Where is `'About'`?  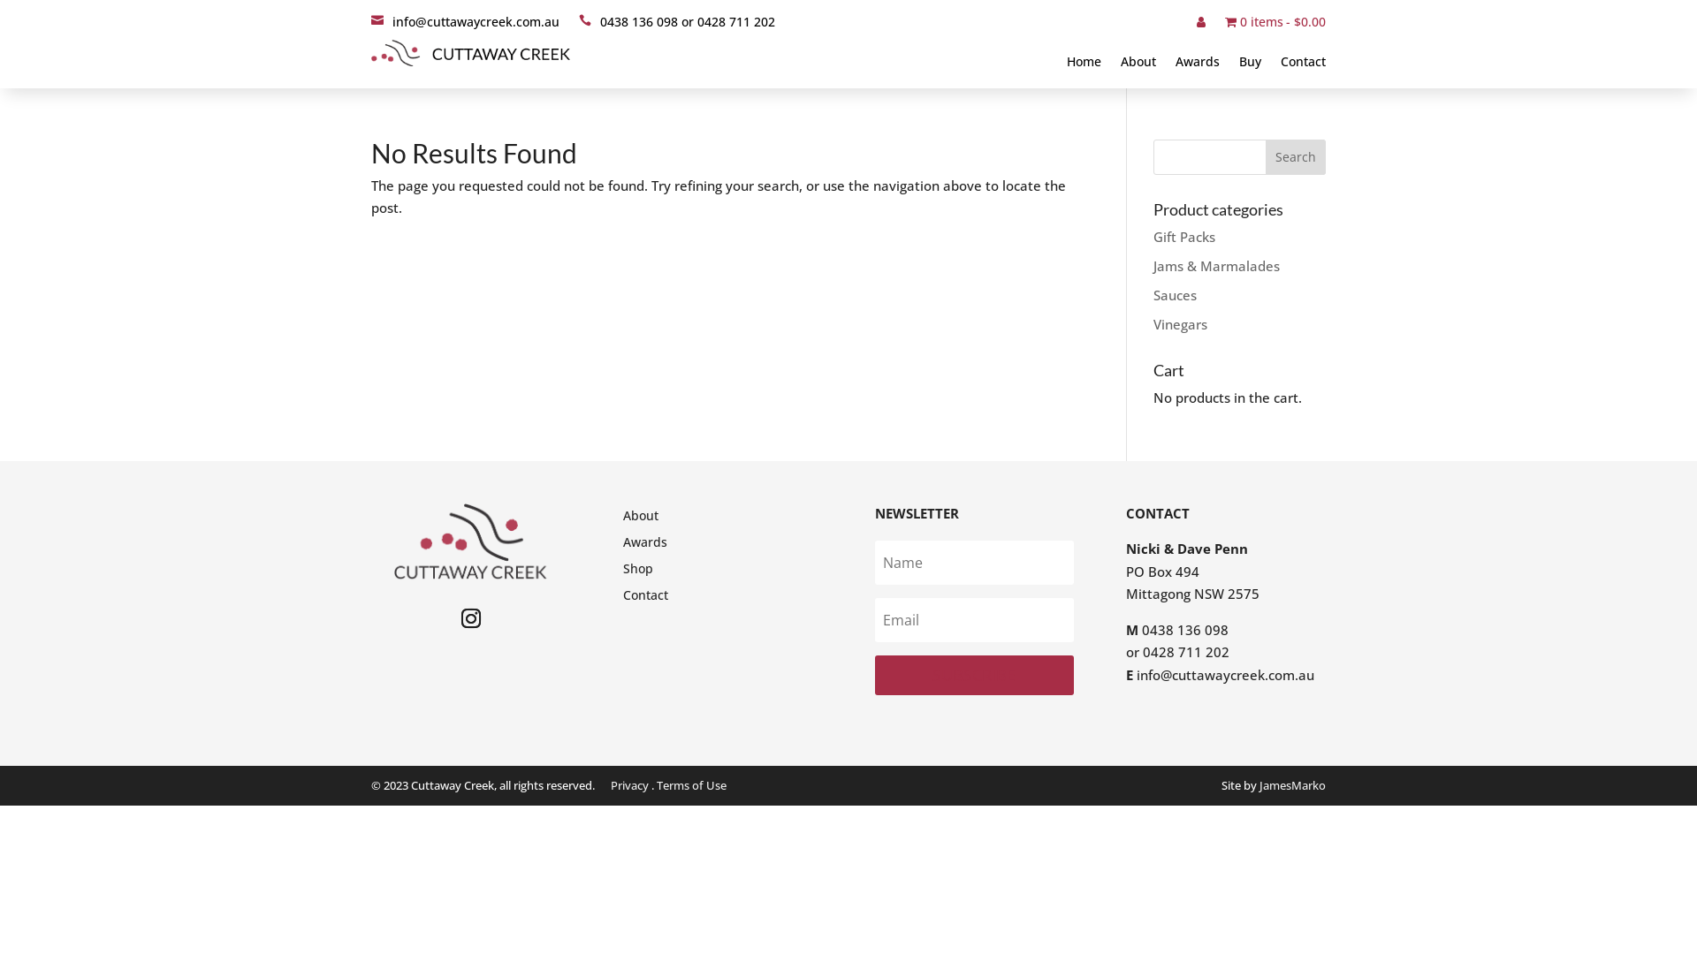
'About' is located at coordinates (639, 518).